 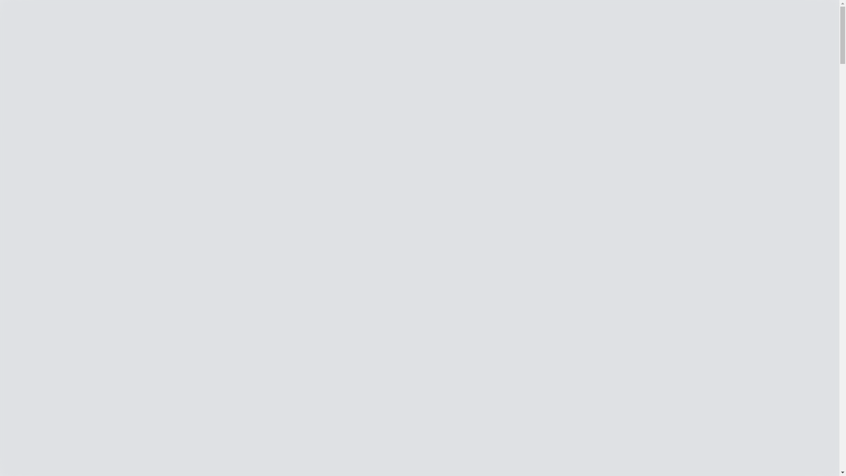 What do you see at coordinates (36, 111) in the screenshot?
I see `'Contact Us'` at bounding box center [36, 111].